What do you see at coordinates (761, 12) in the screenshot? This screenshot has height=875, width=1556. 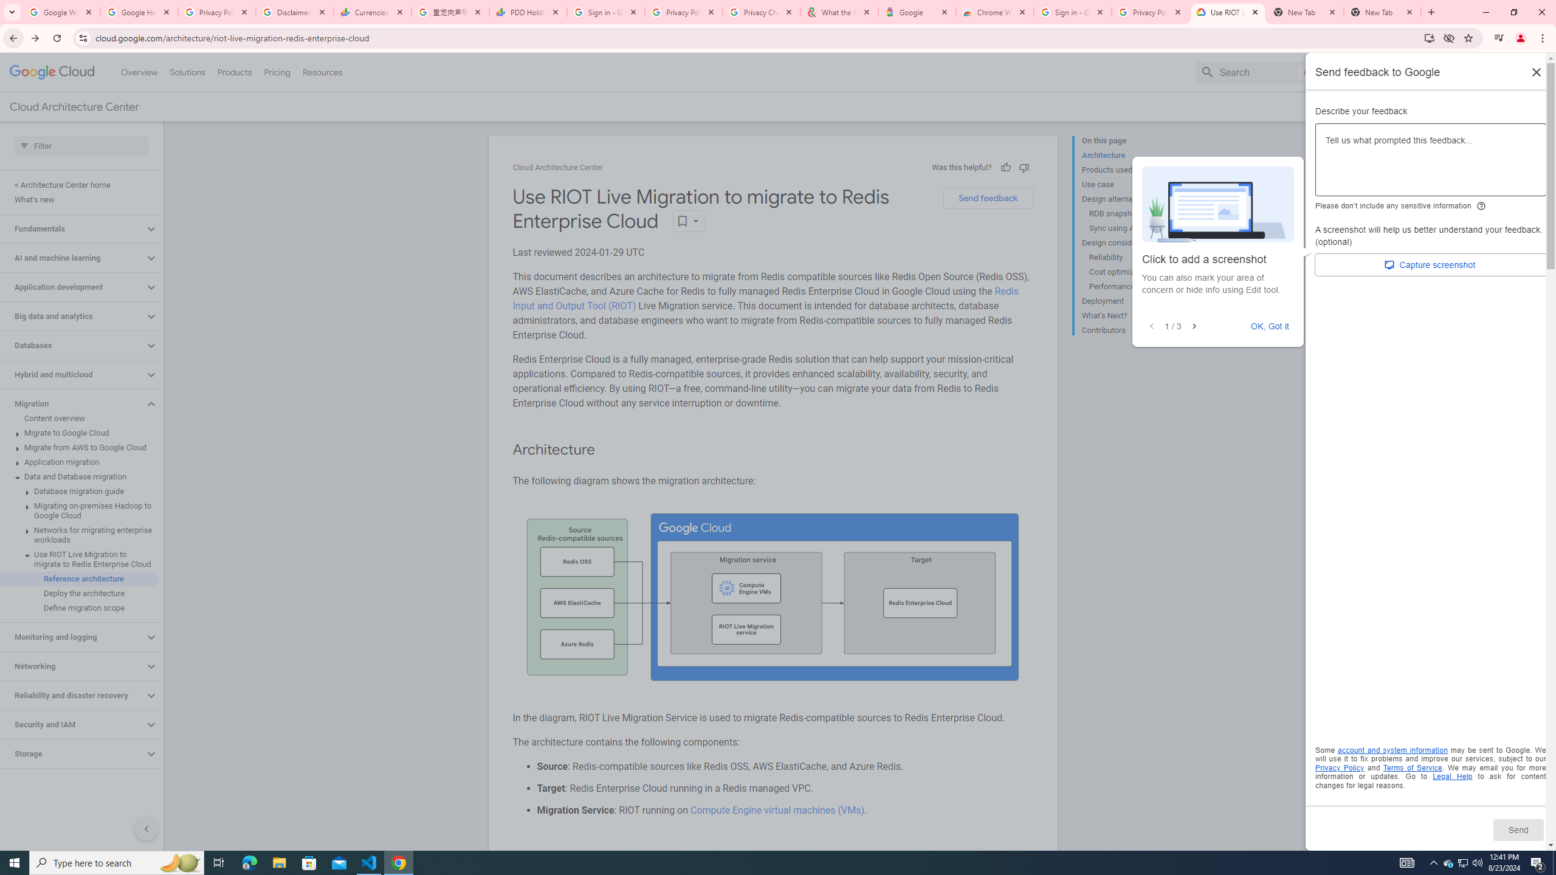 I see `'Privacy Checkup'` at bounding box center [761, 12].